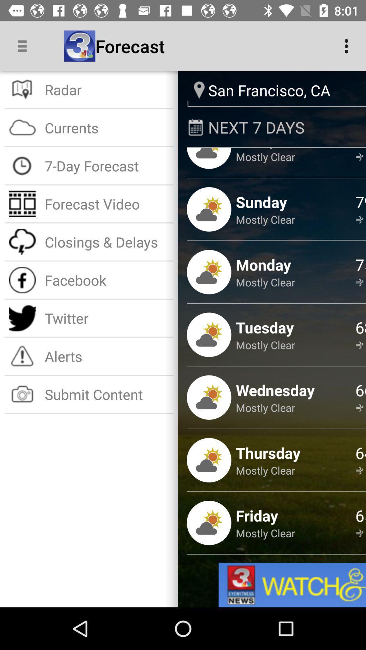 Image resolution: width=366 pixels, height=650 pixels. What do you see at coordinates (275, 390) in the screenshot?
I see `the wednesday` at bounding box center [275, 390].